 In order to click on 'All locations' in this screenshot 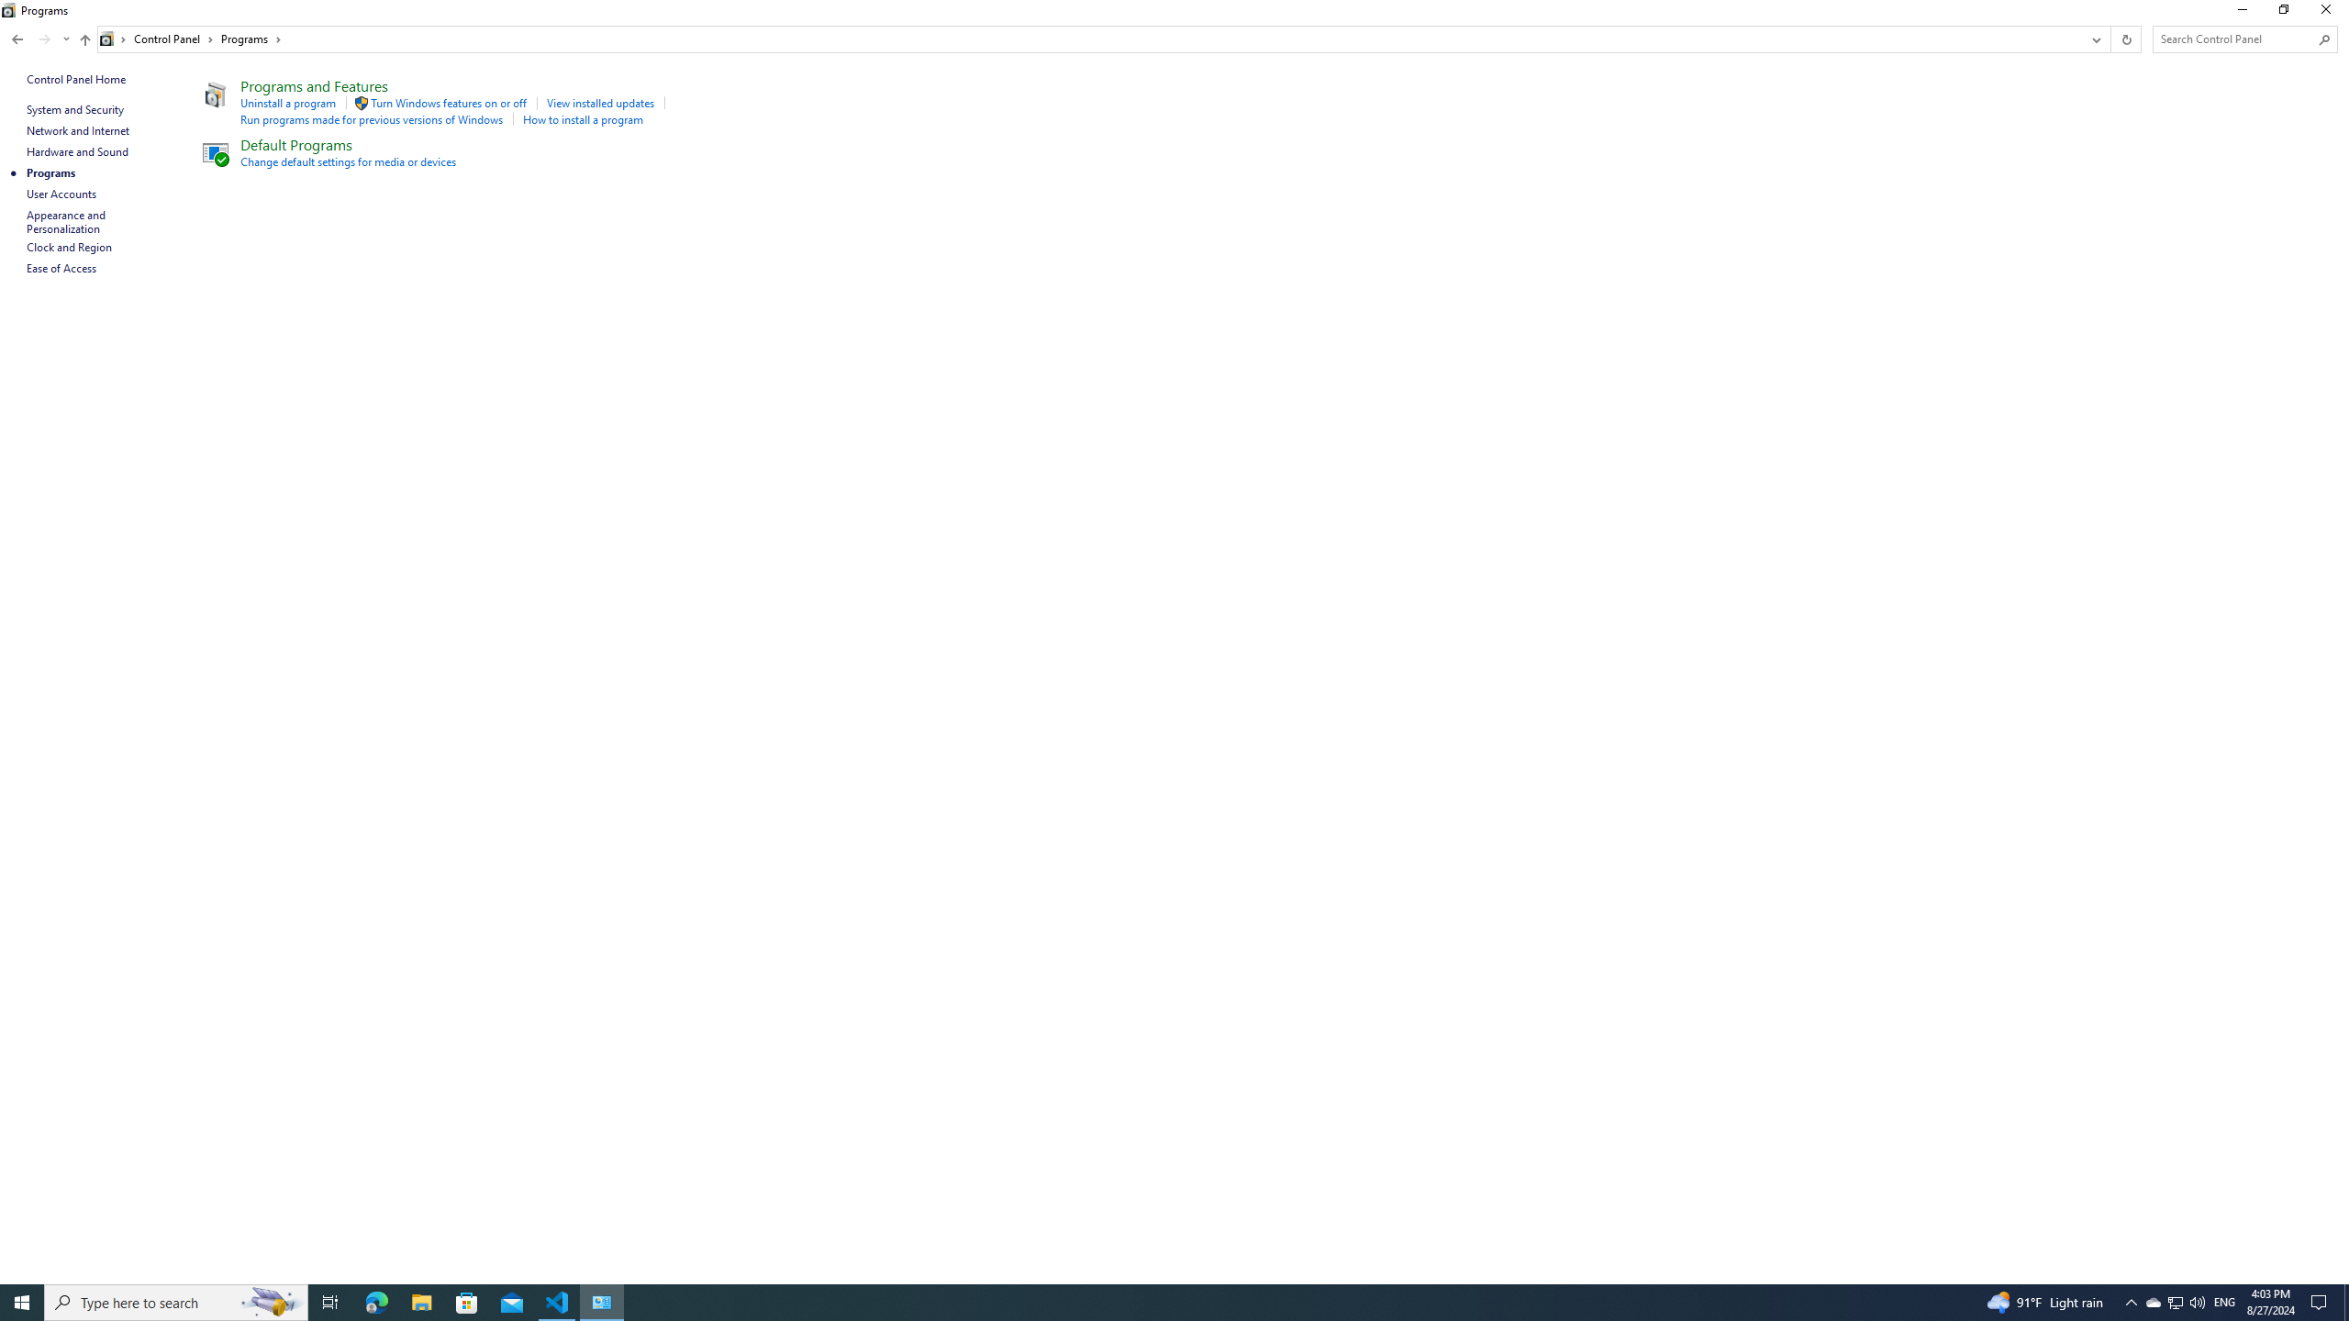, I will do `click(113, 39)`.